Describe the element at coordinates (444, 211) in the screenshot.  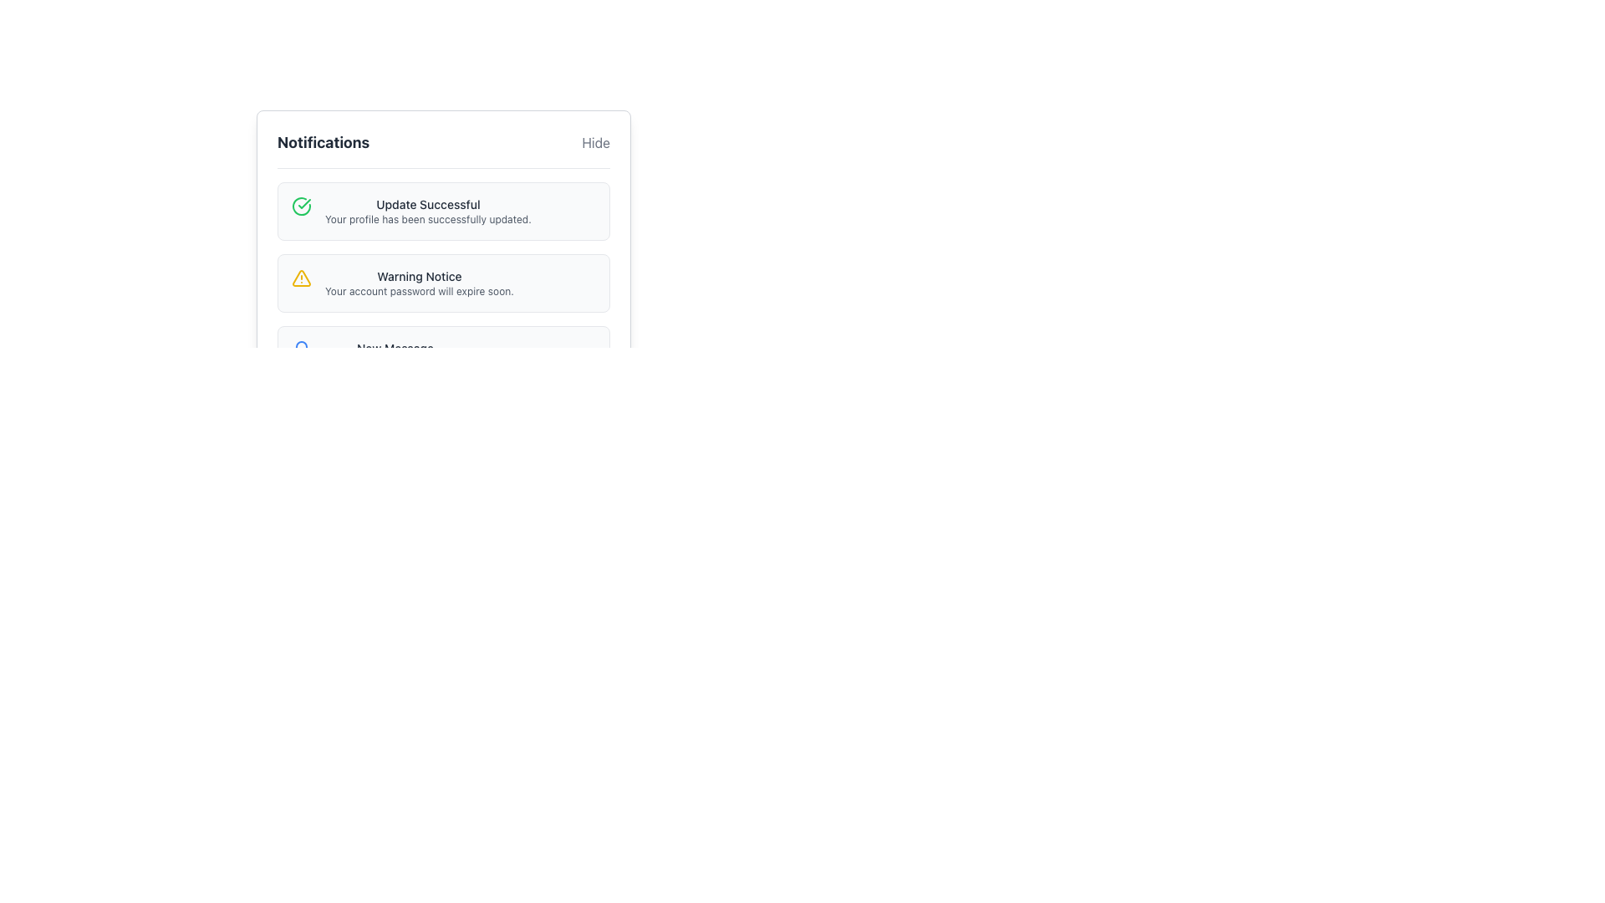
I see `the Informational Card that confirms the successful update of the user's profile, located in the Notifications section` at that location.